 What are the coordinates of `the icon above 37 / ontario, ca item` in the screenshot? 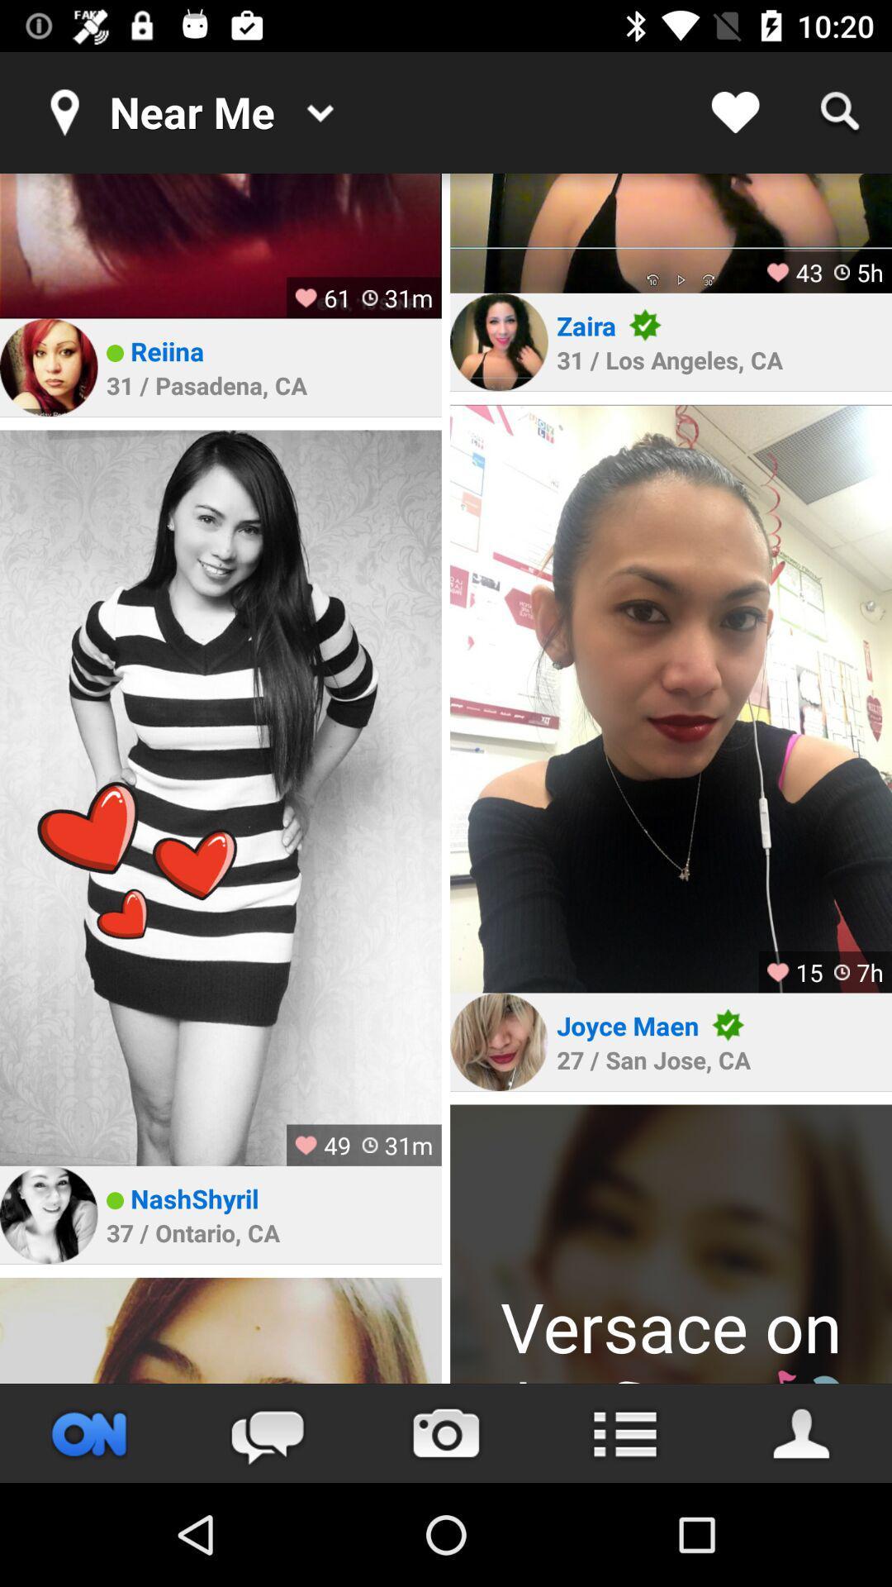 It's located at (193, 1199).